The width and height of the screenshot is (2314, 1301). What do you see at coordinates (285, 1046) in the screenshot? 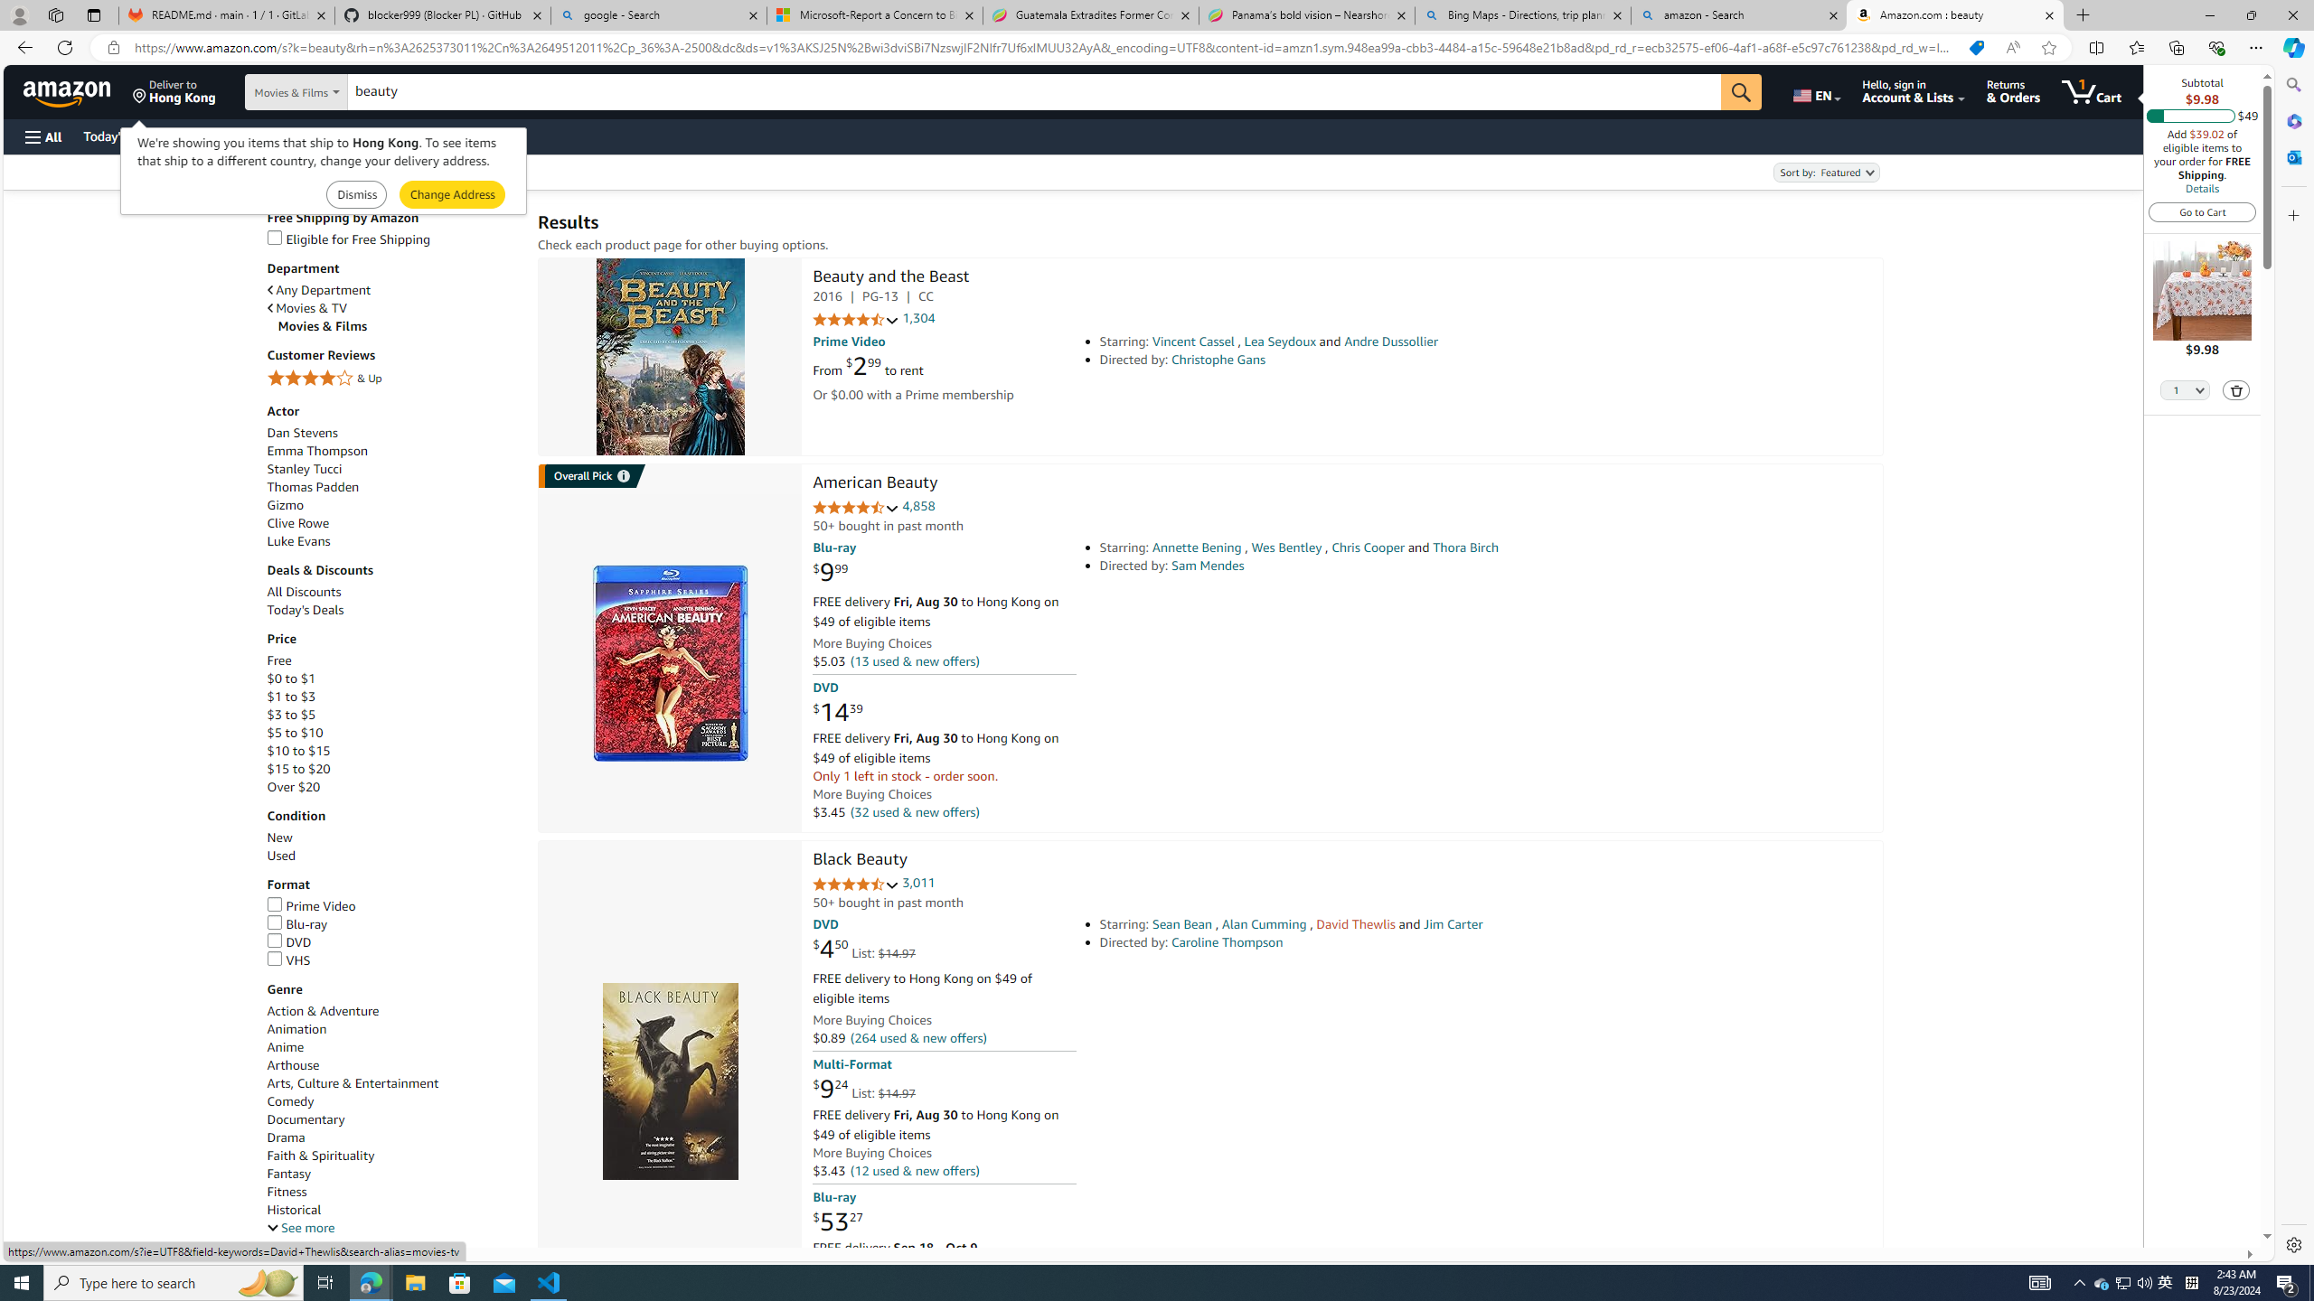
I see `'Anime'` at bounding box center [285, 1046].